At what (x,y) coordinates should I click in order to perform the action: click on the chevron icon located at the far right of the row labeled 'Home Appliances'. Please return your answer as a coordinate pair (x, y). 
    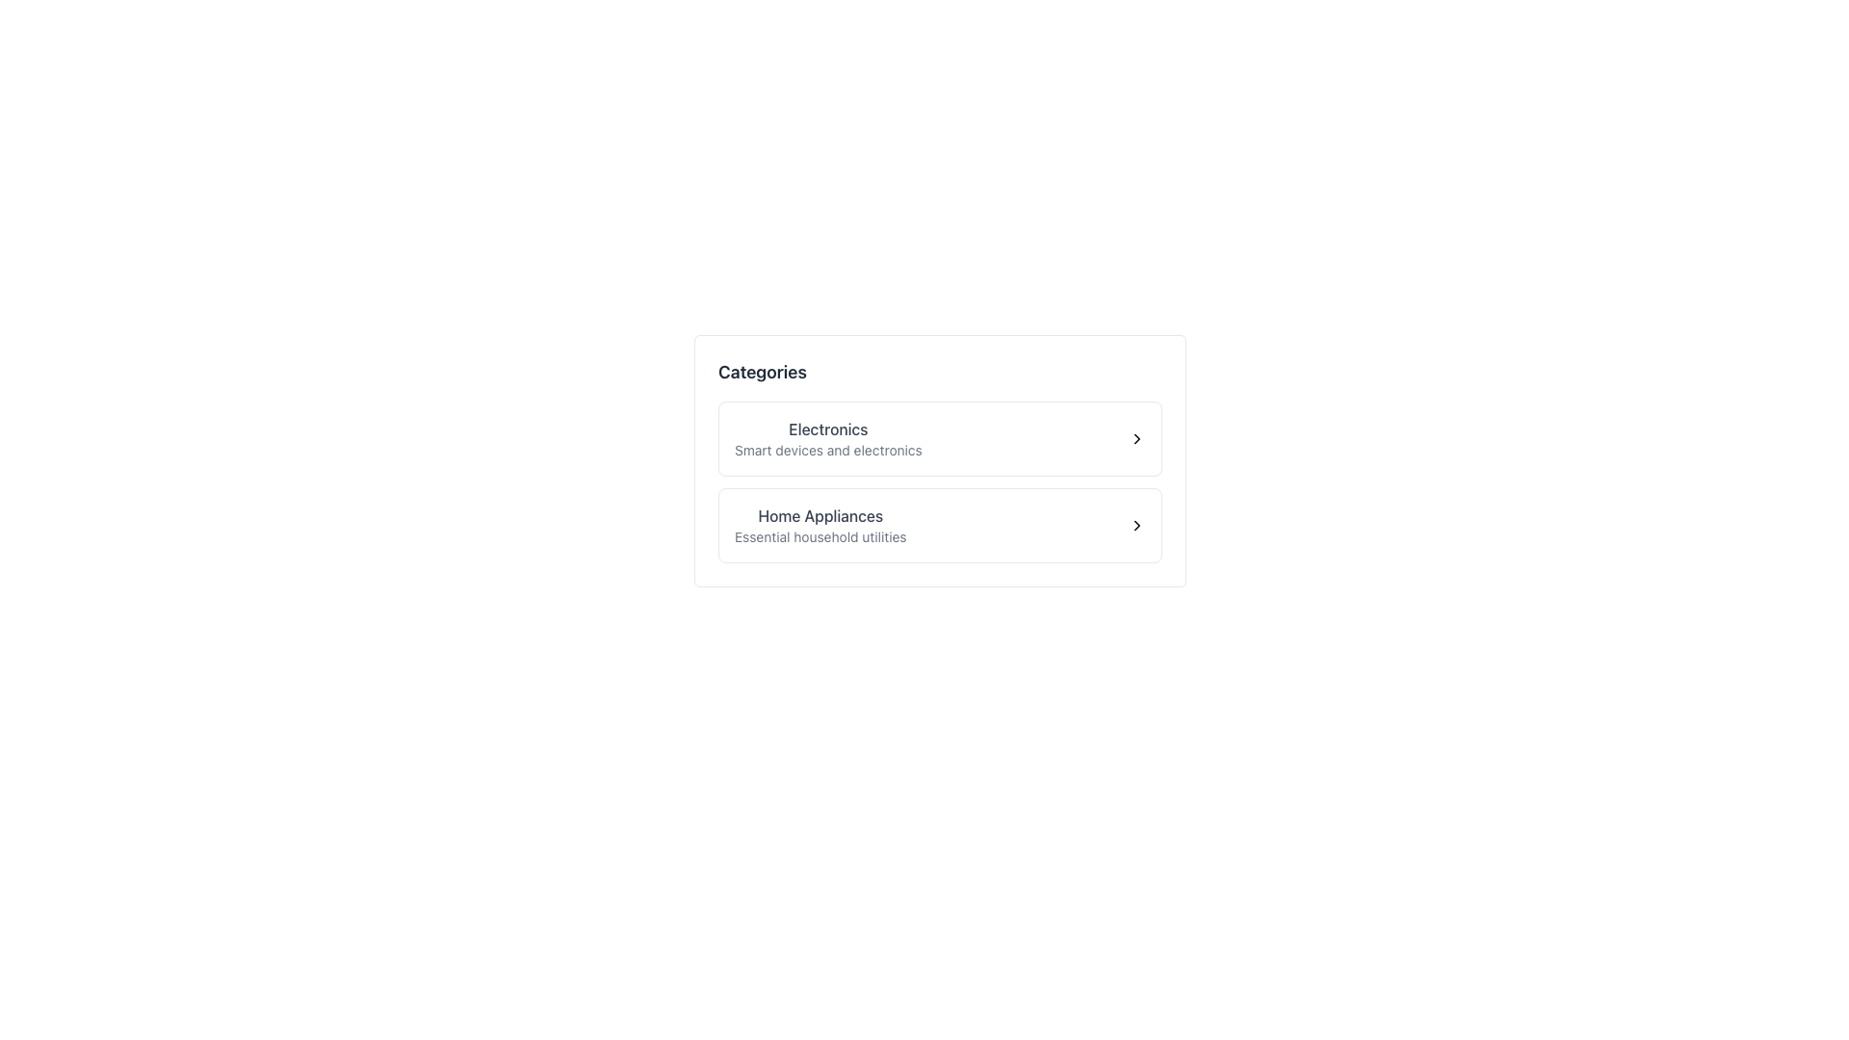
    Looking at the image, I should click on (1136, 526).